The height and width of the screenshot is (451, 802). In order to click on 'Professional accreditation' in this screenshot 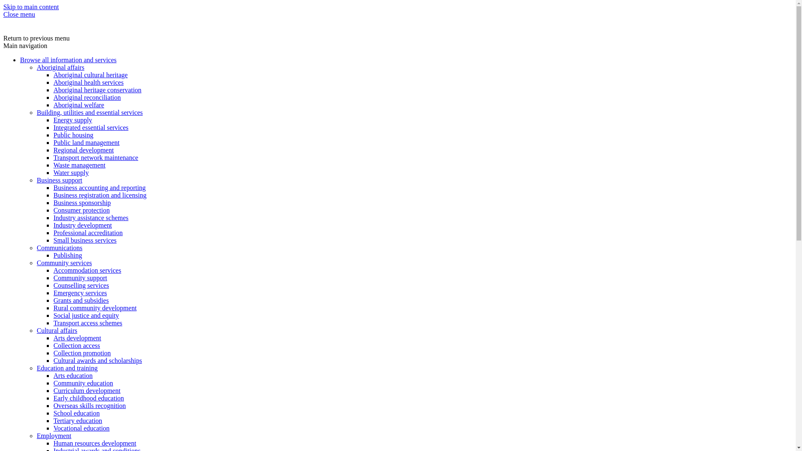, I will do `click(88, 233)`.